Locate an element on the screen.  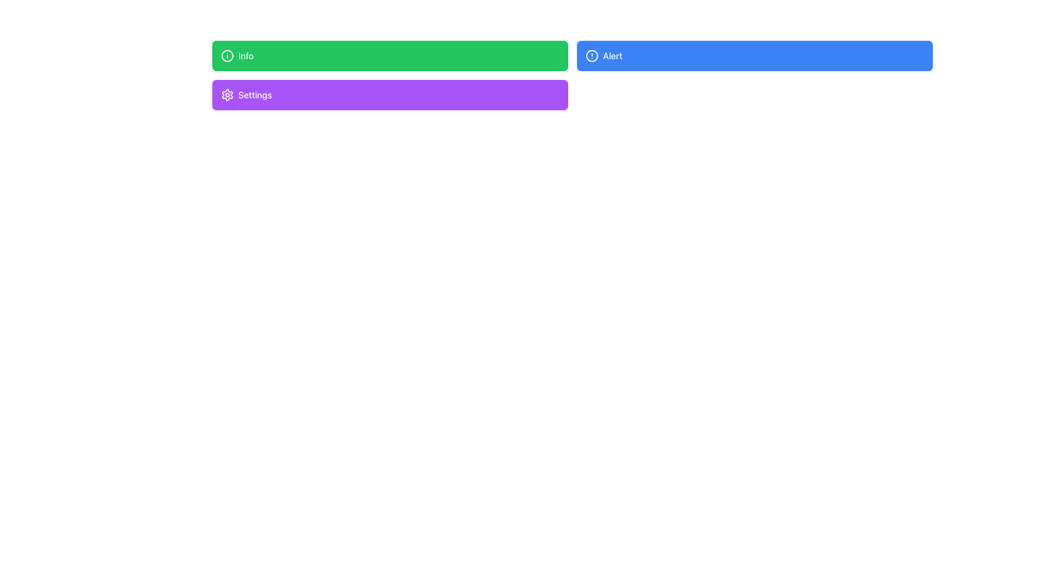
the alert icon, which is a circle with an exclamation mark inside, colored white on a blue background, located within the 'Alert' rectangular block is located at coordinates (592, 56).